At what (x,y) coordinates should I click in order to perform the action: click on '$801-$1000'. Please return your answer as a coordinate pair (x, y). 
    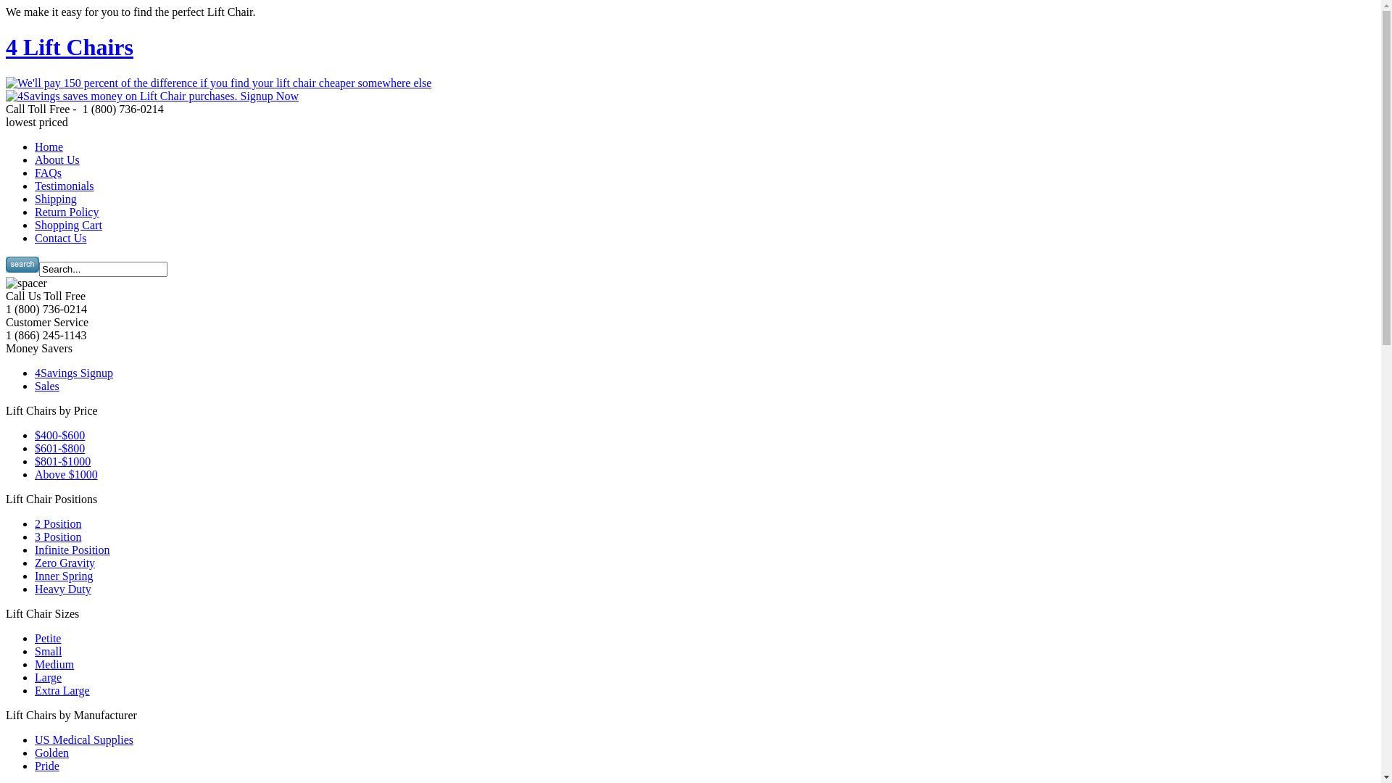
    Looking at the image, I should click on (62, 461).